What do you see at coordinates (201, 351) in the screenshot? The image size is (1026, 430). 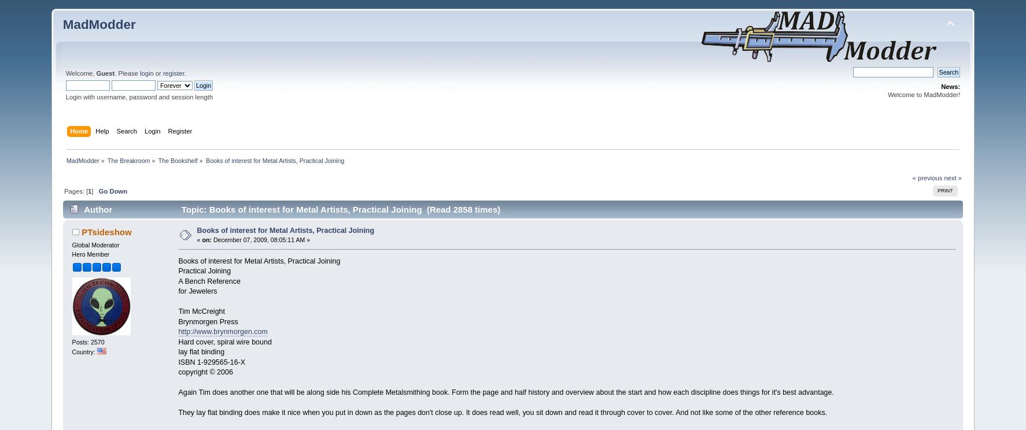 I see `'lay flat binding'` at bounding box center [201, 351].